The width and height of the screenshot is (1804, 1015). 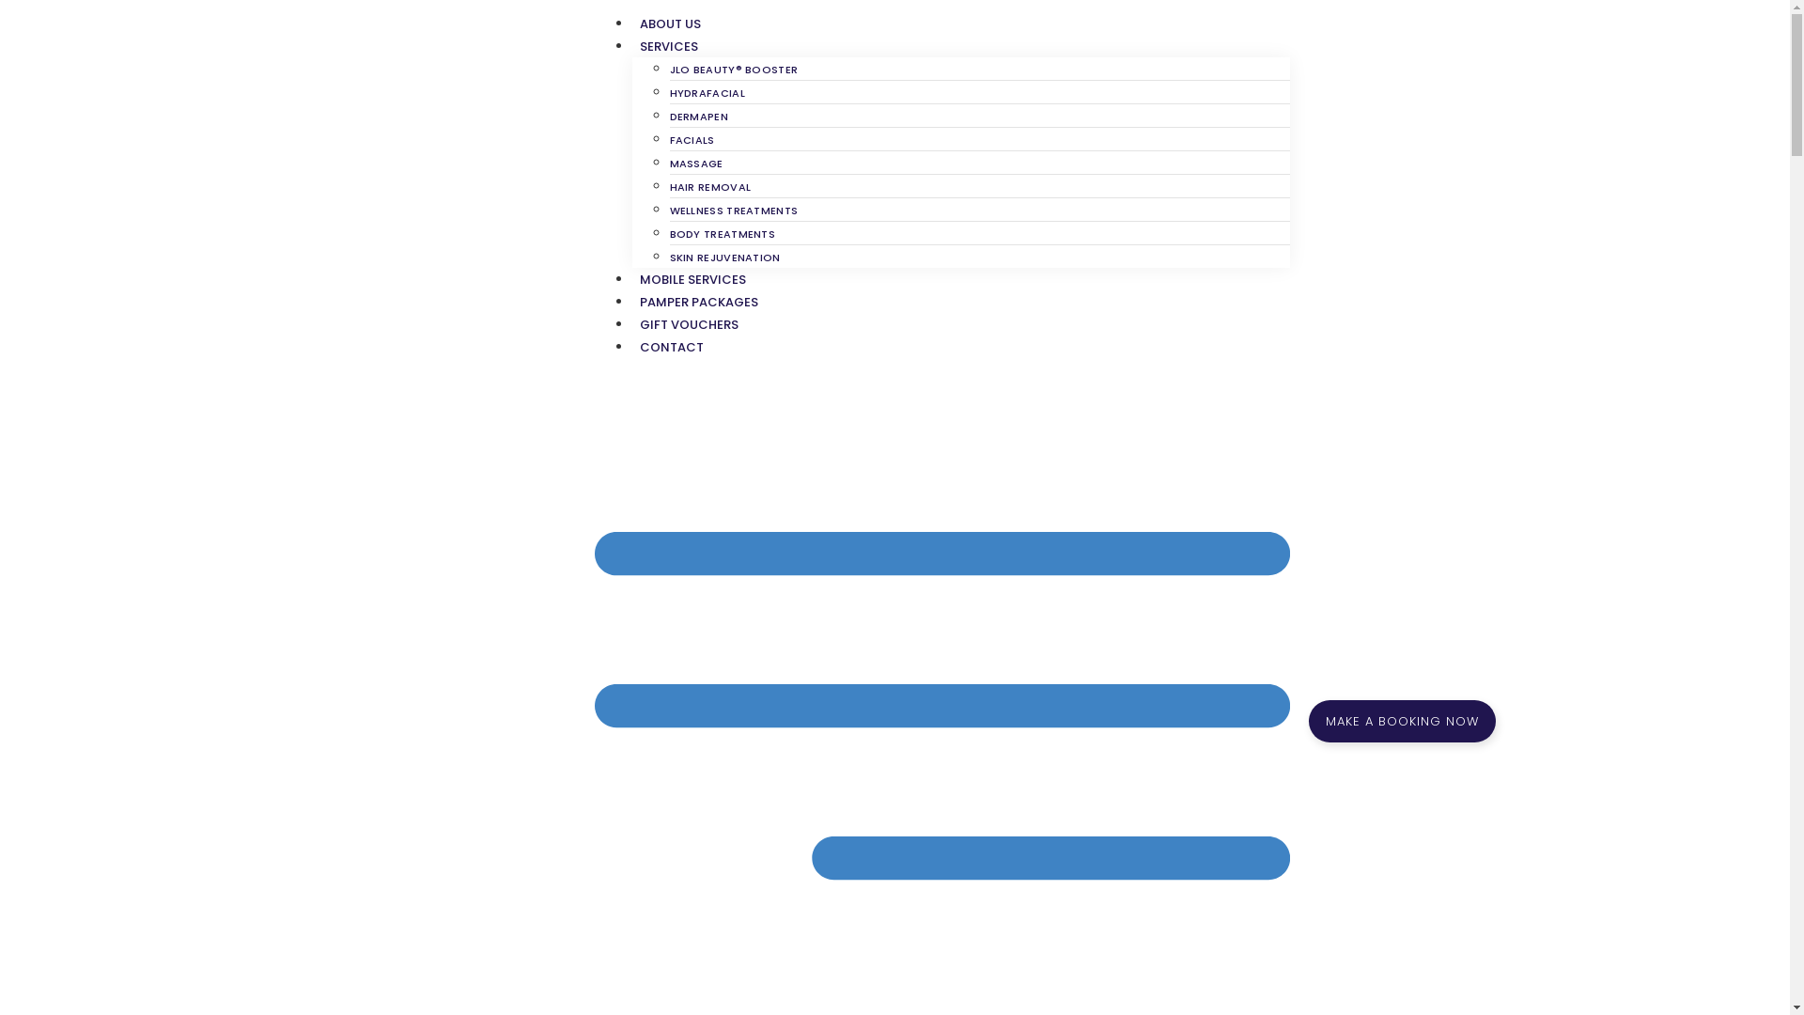 I want to click on 'PAMPER PACKAGES', so click(x=697, y=301).